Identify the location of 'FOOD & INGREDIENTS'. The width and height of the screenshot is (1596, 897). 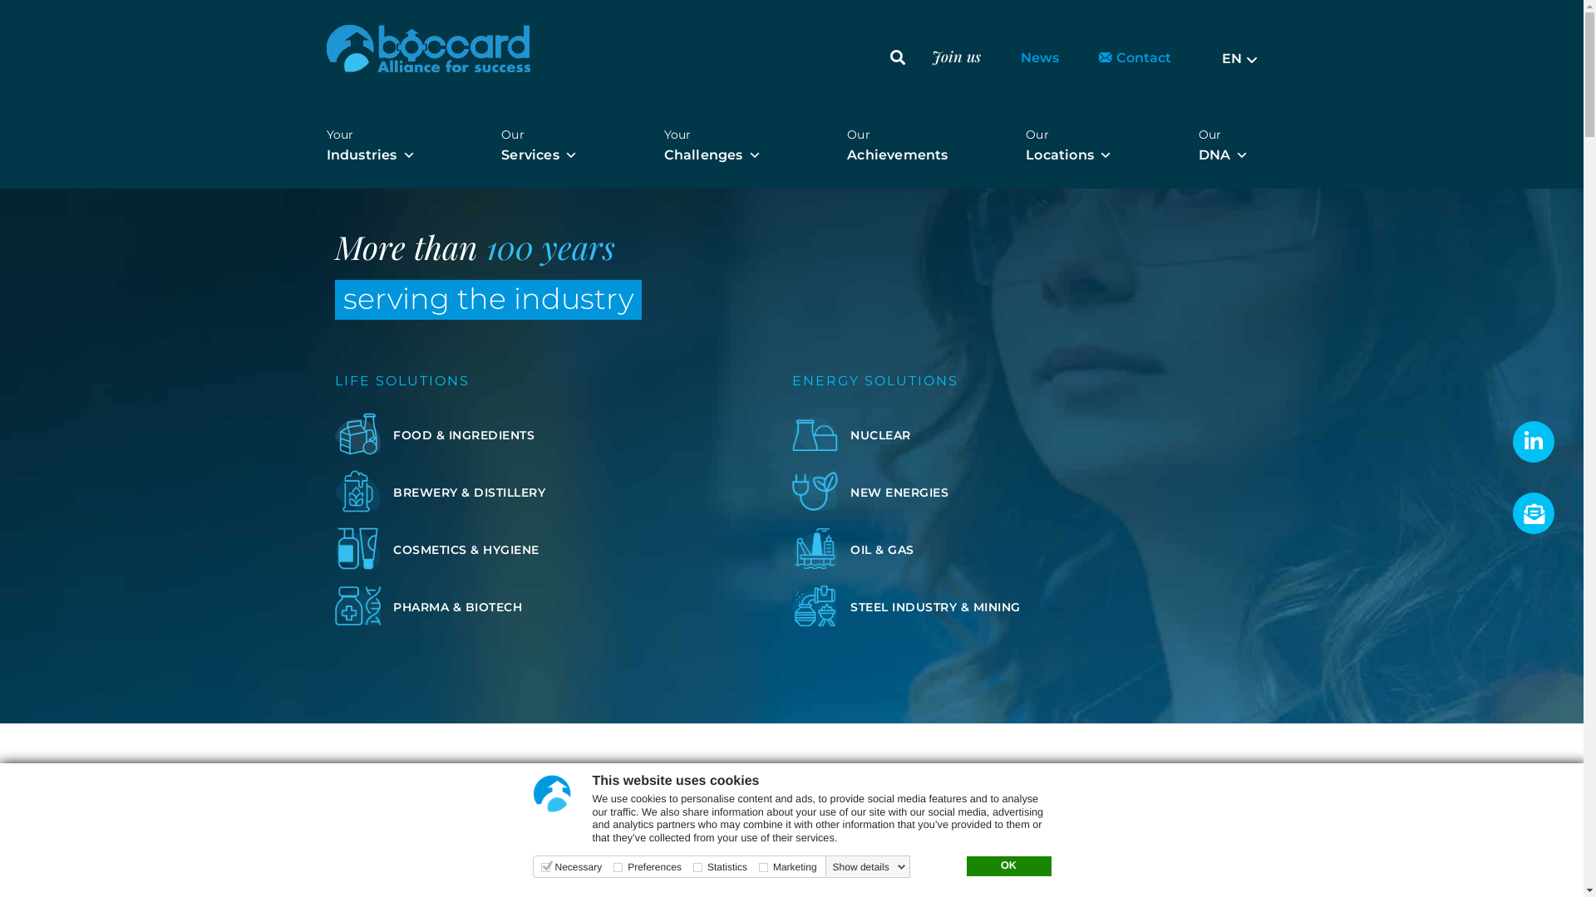
(462, 434).